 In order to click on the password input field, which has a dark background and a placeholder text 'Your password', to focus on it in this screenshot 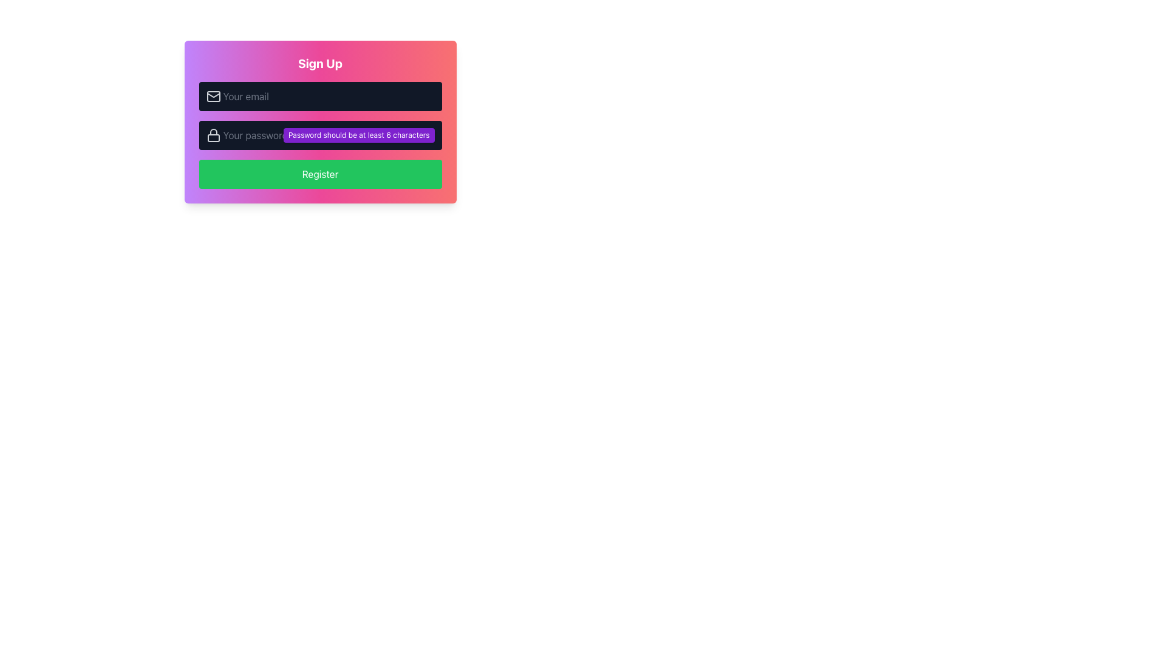, I will do `click(320, 135)`.